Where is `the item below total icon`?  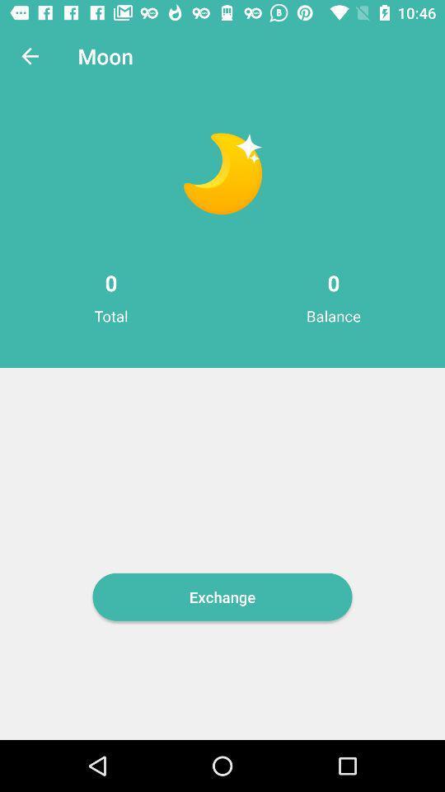
the item below total icon is located at coordinates (222, 596).